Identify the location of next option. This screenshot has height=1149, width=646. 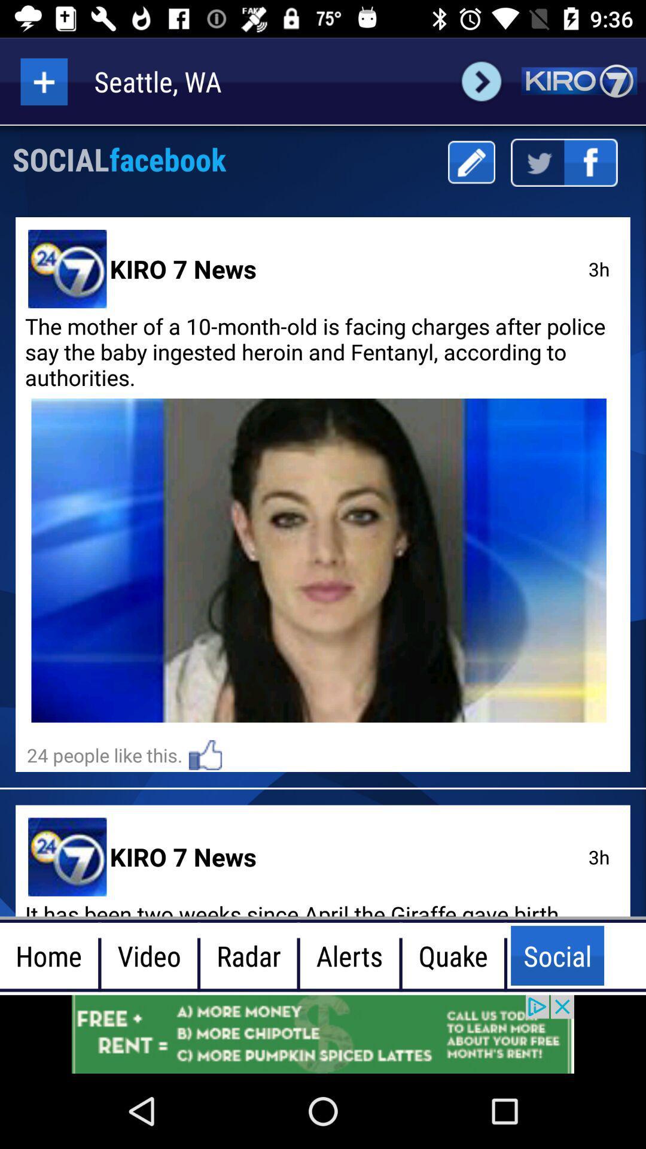
(481, 81).